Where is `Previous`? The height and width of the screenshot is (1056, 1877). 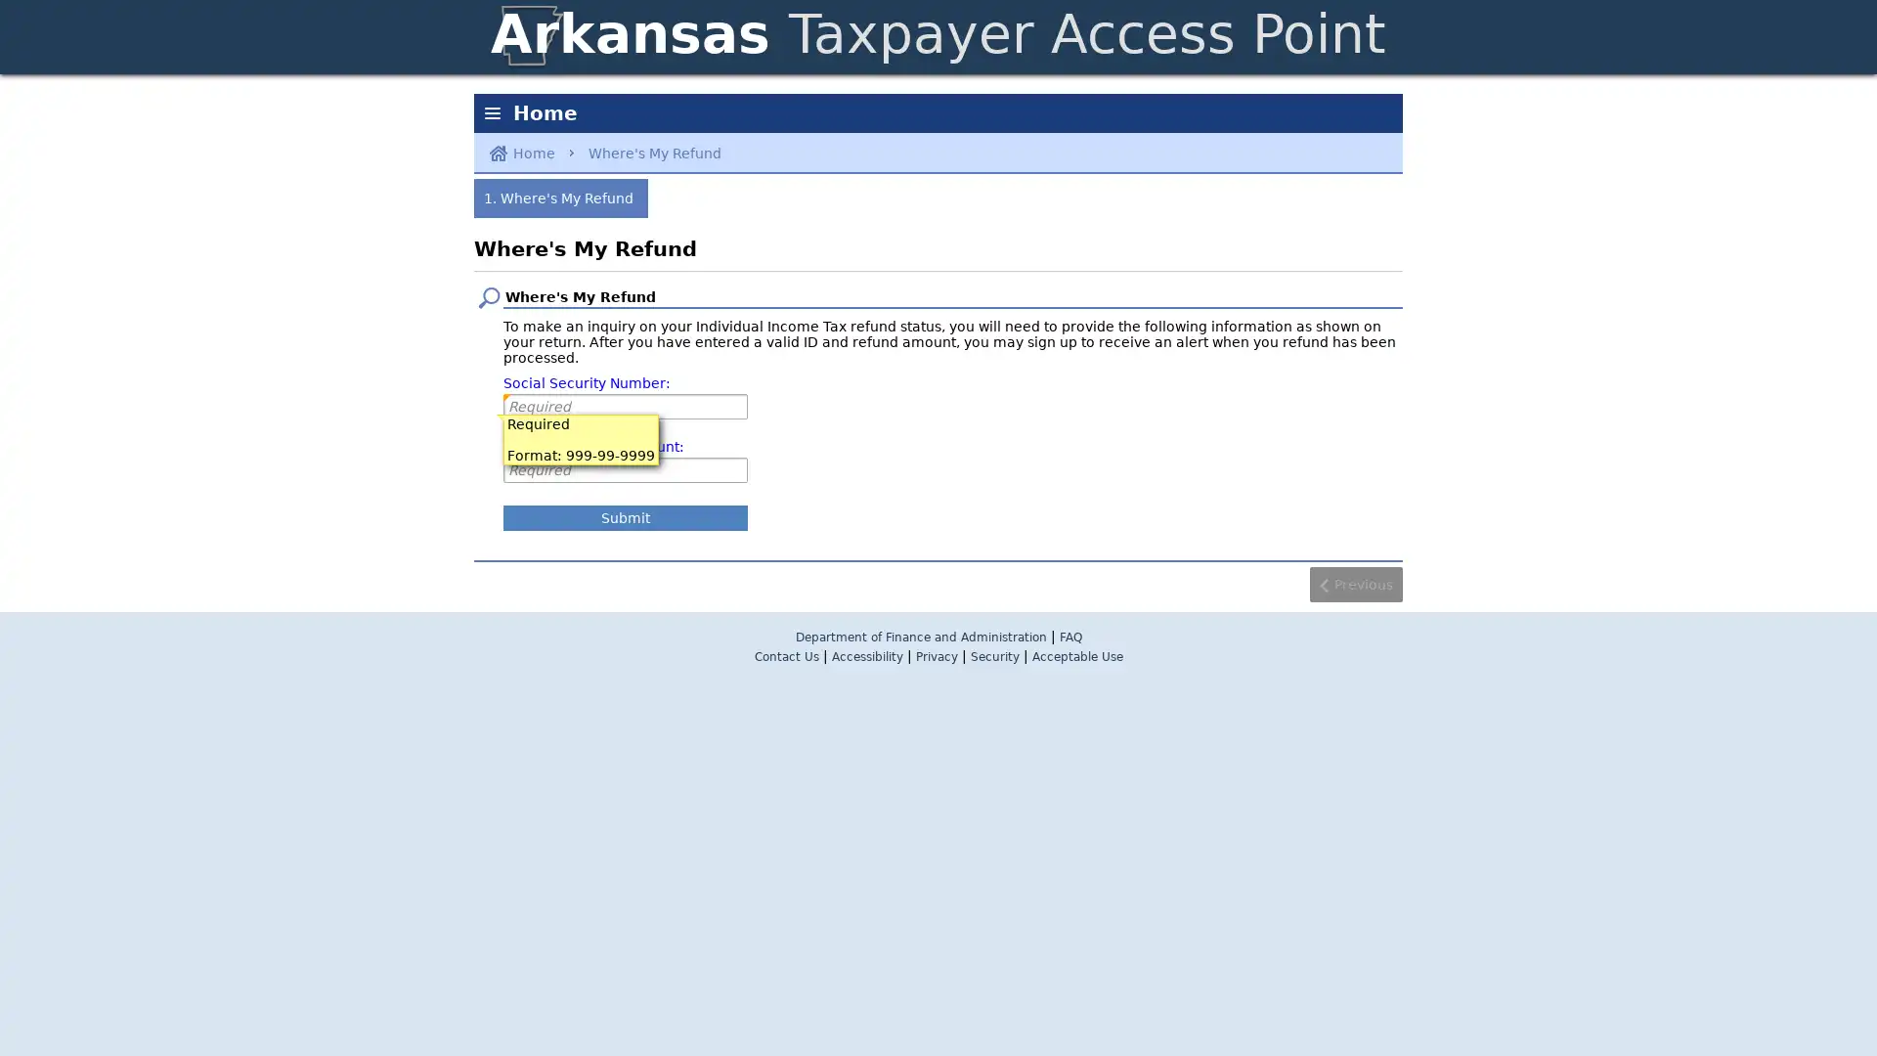
Previous is located at coordinates (1355, 583).